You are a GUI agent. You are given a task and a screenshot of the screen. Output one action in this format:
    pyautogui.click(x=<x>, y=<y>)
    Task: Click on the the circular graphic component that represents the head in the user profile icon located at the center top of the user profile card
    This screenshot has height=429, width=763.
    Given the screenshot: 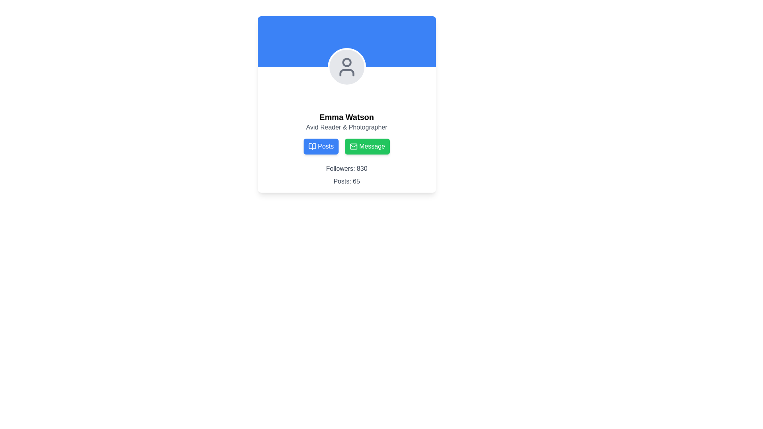 What is the action you would take?
    pyautogui.click(x=347, y=62)
    